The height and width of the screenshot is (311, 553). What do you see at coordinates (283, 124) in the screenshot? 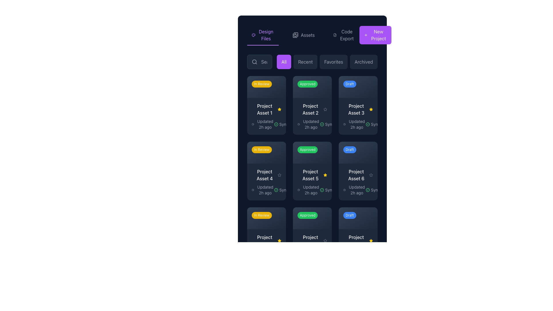
I see `synchronization status from the Status indicator which features a green circular icon with a checkmark and the text 'Synced' in light gray, located towards the bottom-left edge of the card` at bounding box center [283, 124].